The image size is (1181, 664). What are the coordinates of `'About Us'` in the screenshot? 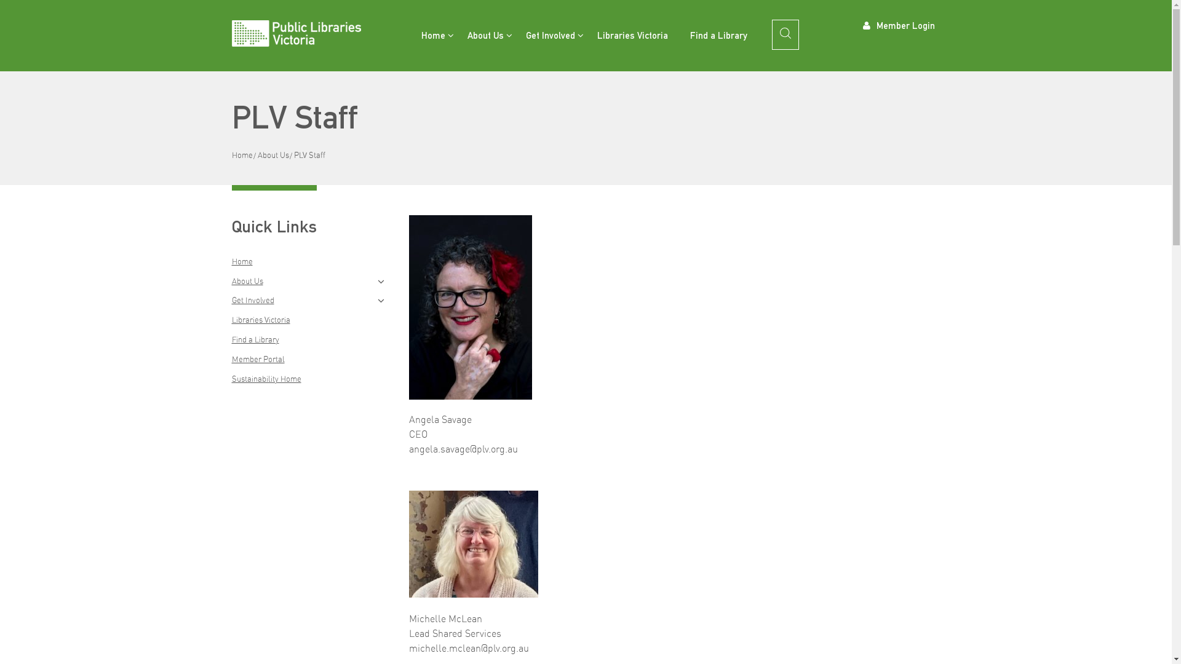 It's located at (246, 280).